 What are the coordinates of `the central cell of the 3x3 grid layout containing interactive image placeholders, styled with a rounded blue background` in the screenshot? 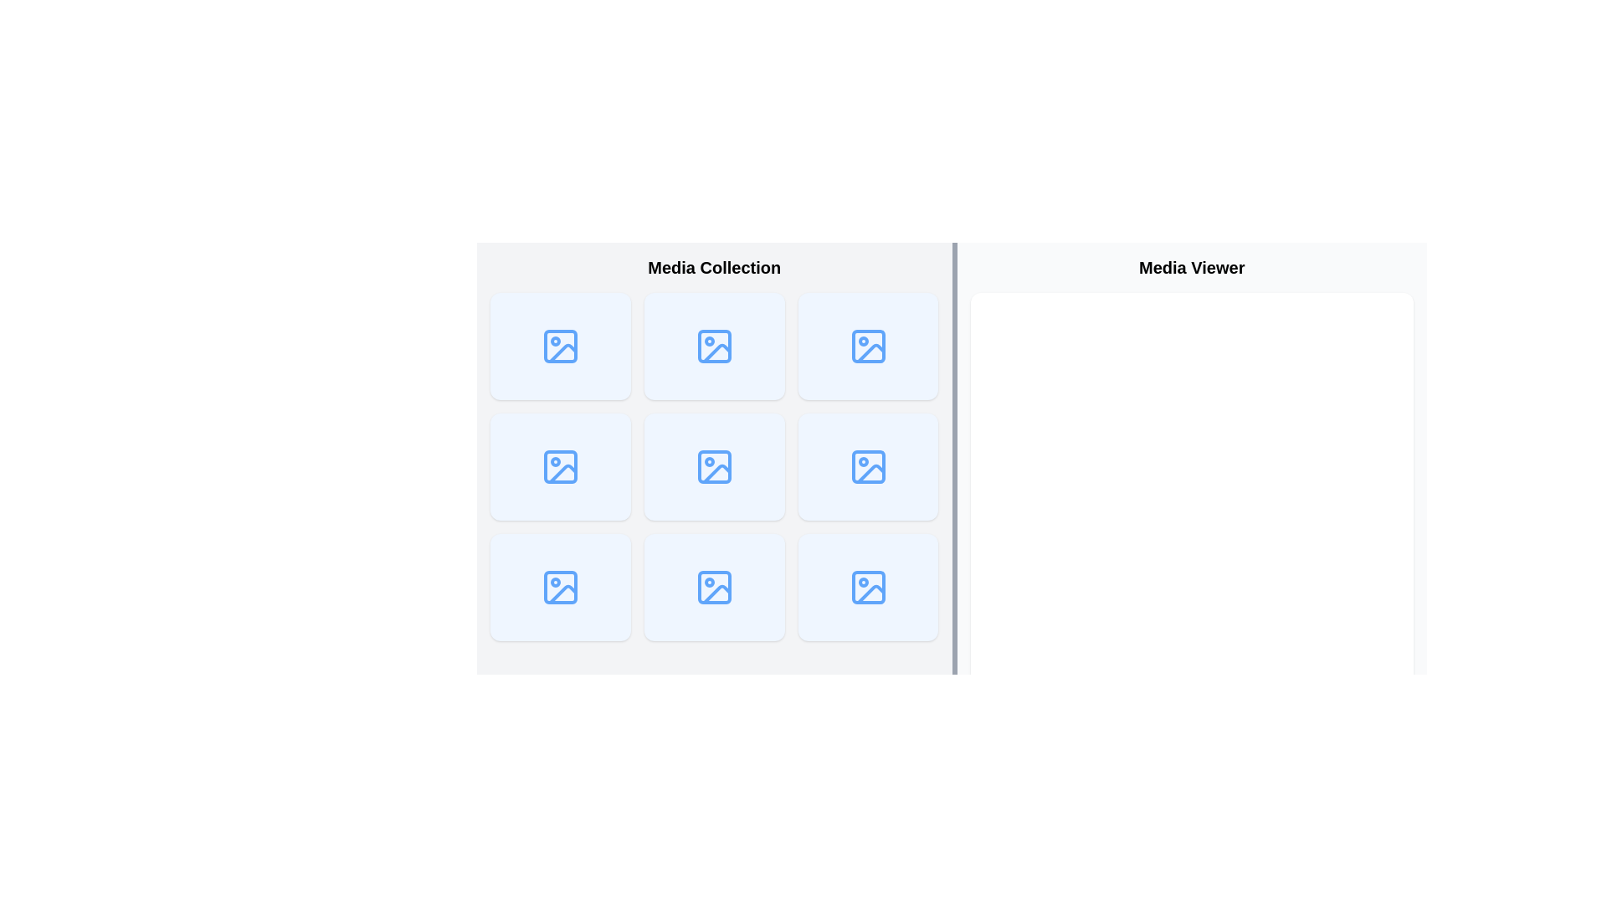 It's located at (714, 467).